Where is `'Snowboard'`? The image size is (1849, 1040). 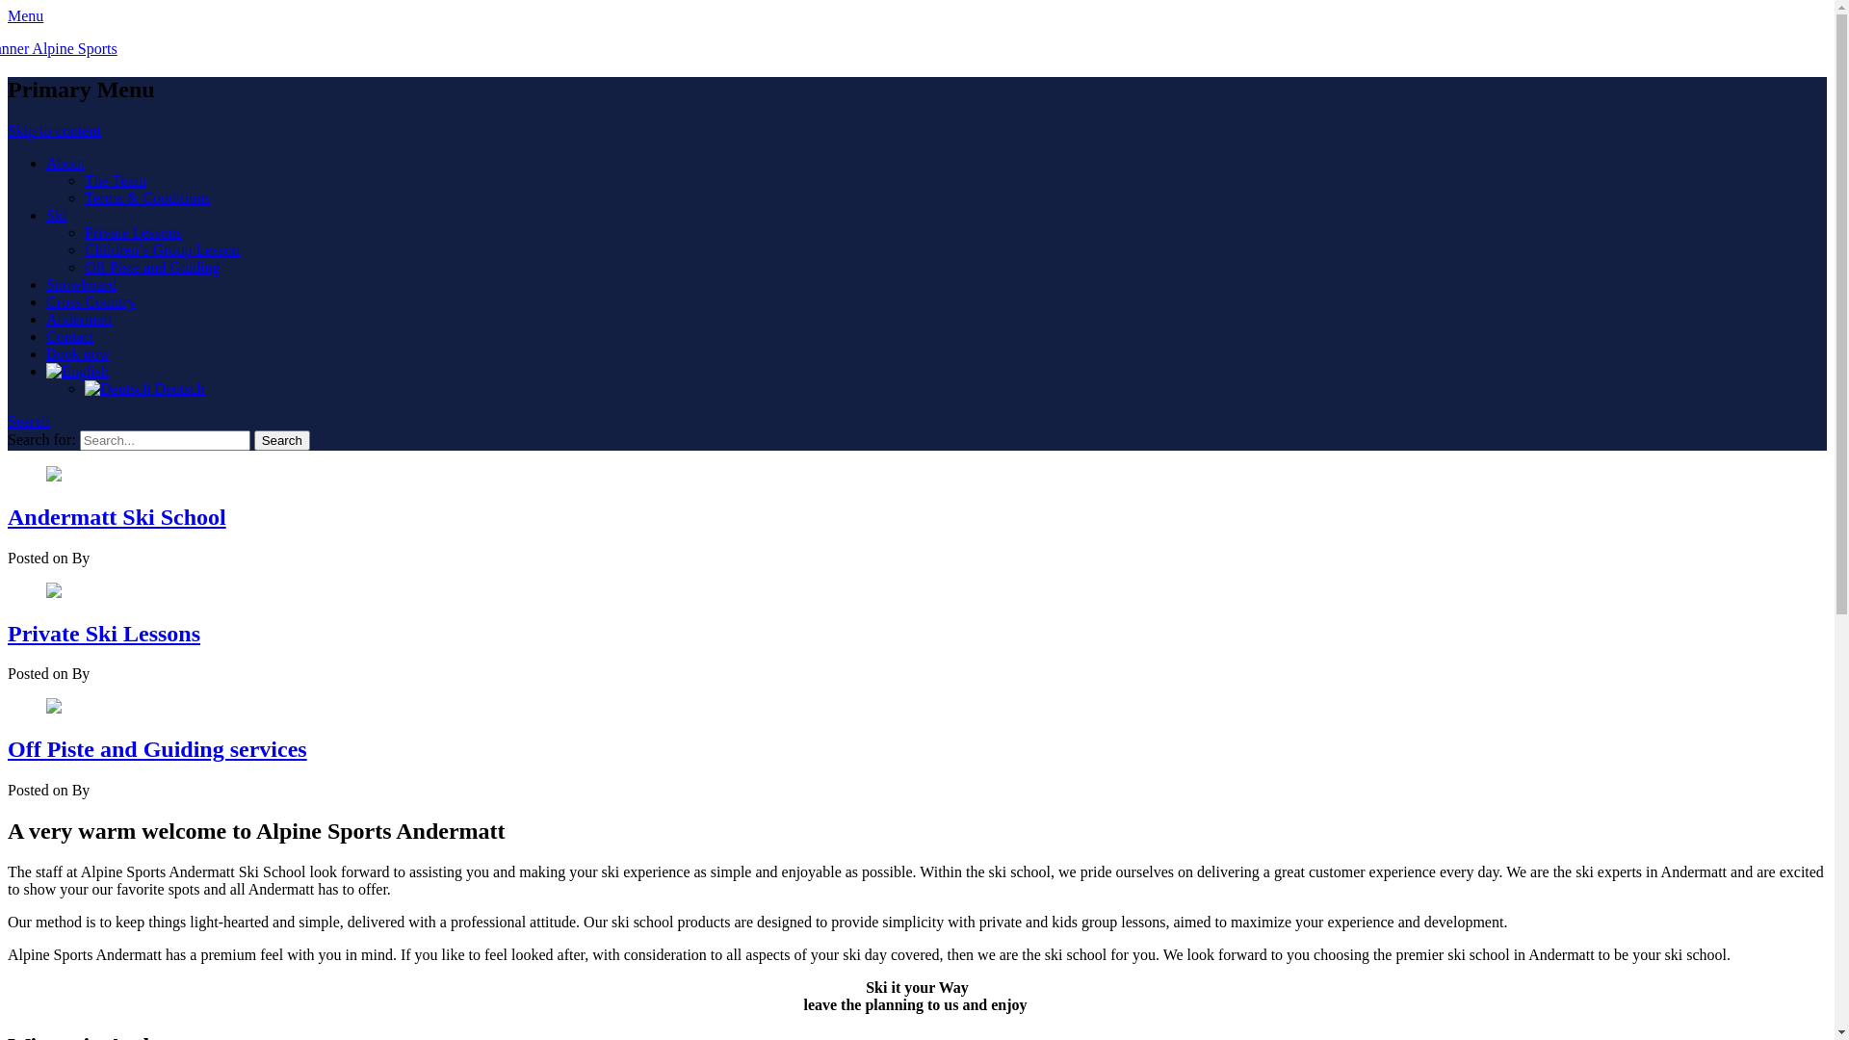 'Snowboard' is located at coordinates (80, 284).